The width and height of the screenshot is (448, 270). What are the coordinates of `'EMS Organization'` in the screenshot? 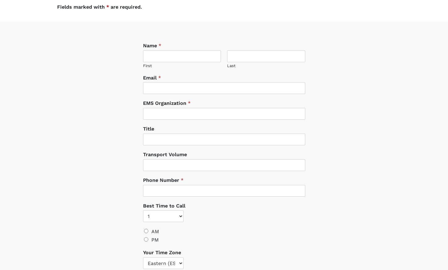 It's located at (165, 97).